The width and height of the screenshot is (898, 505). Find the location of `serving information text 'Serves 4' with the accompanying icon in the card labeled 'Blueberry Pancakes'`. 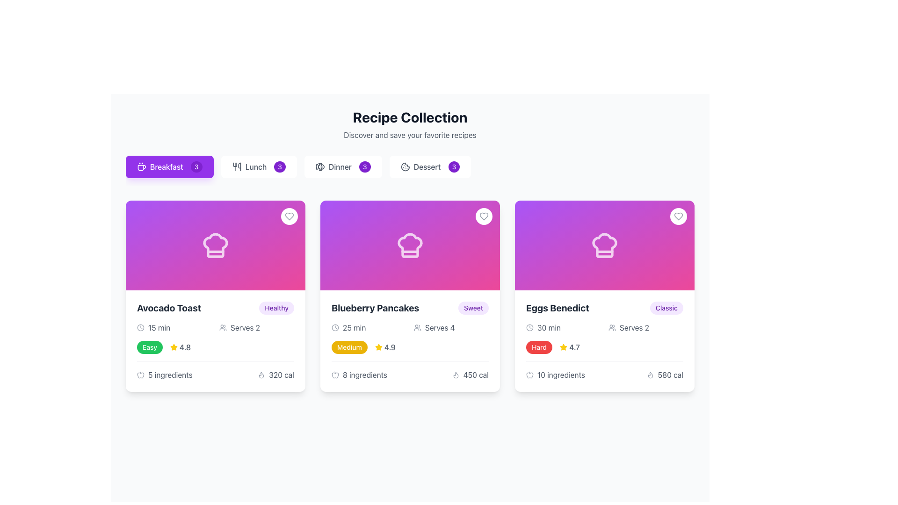

serving information text 'Serves 4' with the accompanying icon in the card labeled 'Blueberry Pancakes' is located at coordinates (451, 327).